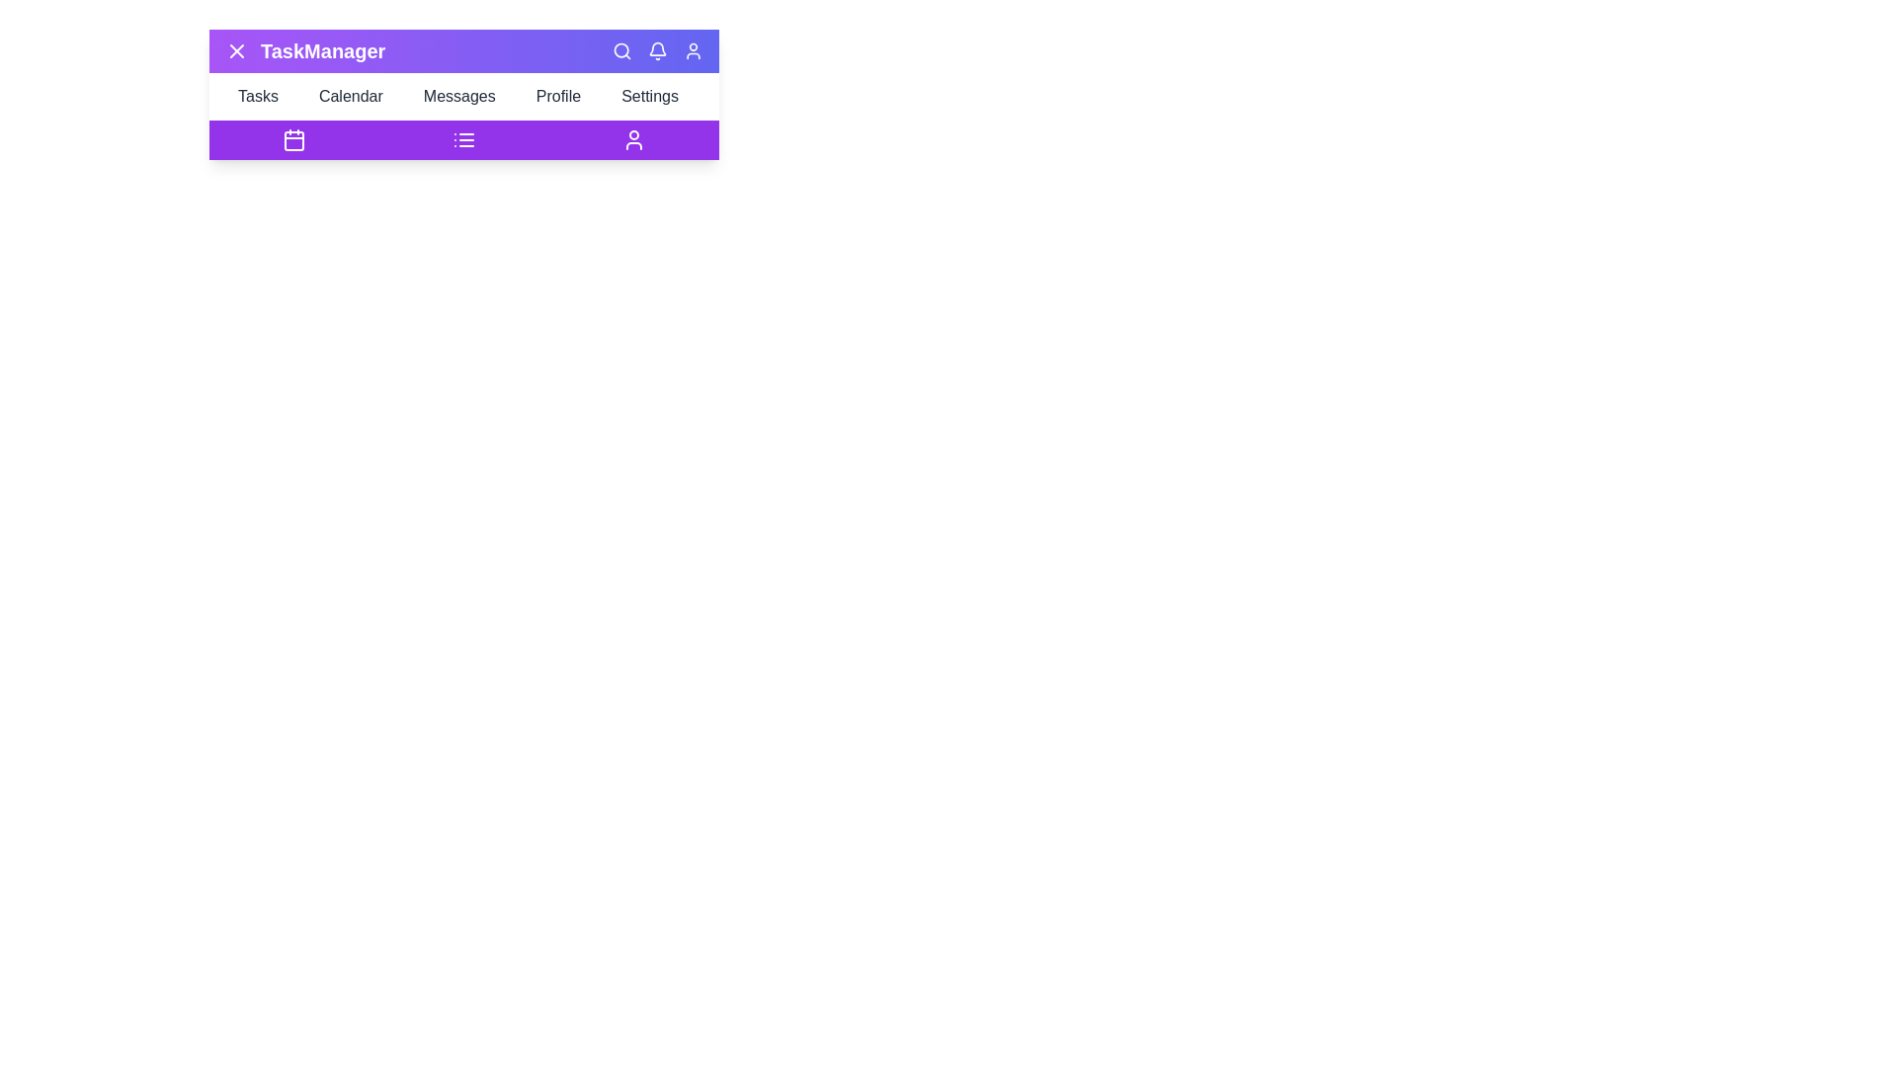  I want to click on the Profile icon in the bottom navigation bar, so click(634, 139).